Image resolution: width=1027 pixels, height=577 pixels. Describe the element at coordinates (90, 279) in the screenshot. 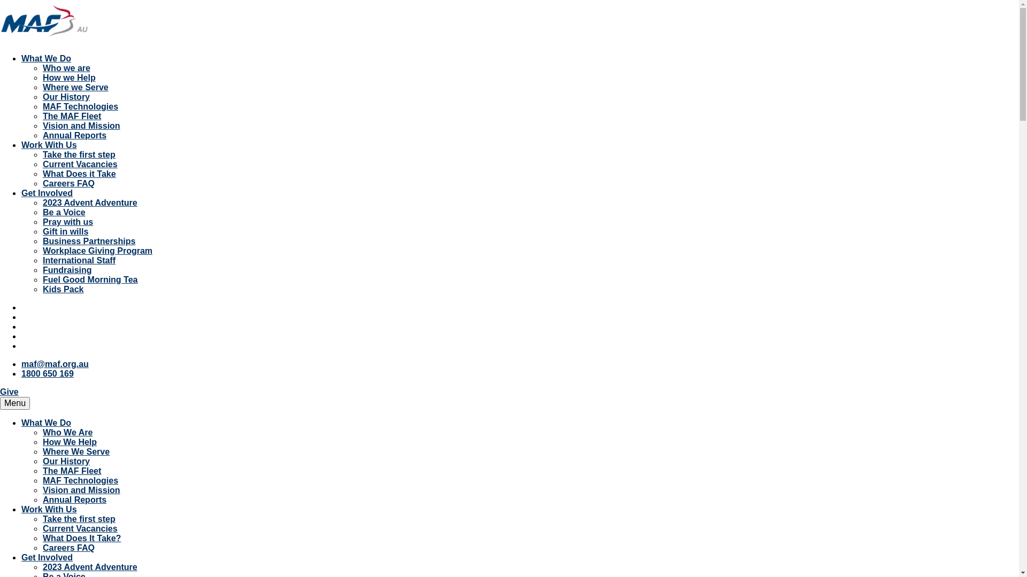

I see `'Fuel Good Morning Tea'` at that location.